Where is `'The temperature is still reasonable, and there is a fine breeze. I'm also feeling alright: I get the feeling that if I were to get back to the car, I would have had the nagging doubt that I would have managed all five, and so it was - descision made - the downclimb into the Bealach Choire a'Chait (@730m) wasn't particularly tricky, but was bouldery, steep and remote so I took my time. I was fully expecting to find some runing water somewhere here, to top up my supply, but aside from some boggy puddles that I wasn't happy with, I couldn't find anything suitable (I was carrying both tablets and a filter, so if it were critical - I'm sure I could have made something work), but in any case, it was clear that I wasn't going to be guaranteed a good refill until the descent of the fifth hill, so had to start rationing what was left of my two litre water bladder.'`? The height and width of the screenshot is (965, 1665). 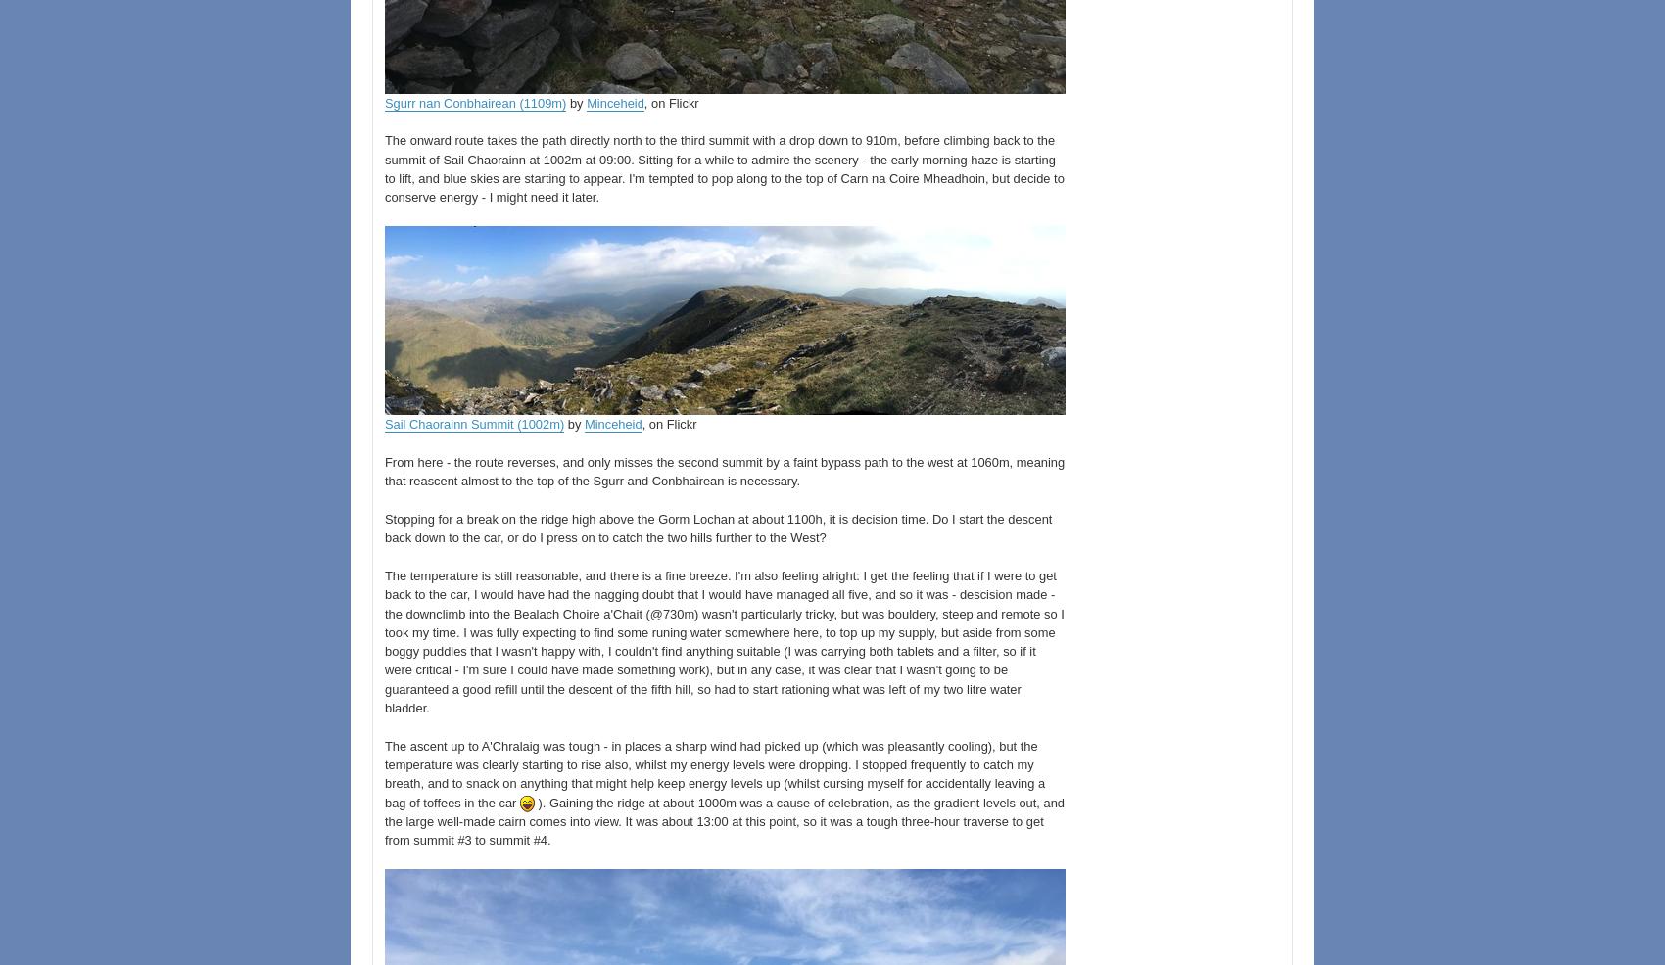
'The temperature is still reasonable, and there is a fine breeze. I'm also feeling alright: I get the feeling that if I were to get back to the car, I would have had the nagging doubt that I would have managed all five, and so it was - descision made - the downclimb into the Bealach Choire a'Chait (@730m) wasn't particularly tricky, but was bouldery, steep and remote so I took my time. I was fully expecting to find some runing water somewhere here, to top up my supply, but aside from some boggy puddles that I wasn't happy with, I couldn't find anything suitable (I was carrying both tablets and a filter, so if it were critical - I'm sure I could have made something work), but in any case, it was clear that I wasn't going to be guaranteed a good refill until the descent of the fifth hill, so had to start rationing what was left of my two litre water bladder.' is located at coordinates (724, 641).